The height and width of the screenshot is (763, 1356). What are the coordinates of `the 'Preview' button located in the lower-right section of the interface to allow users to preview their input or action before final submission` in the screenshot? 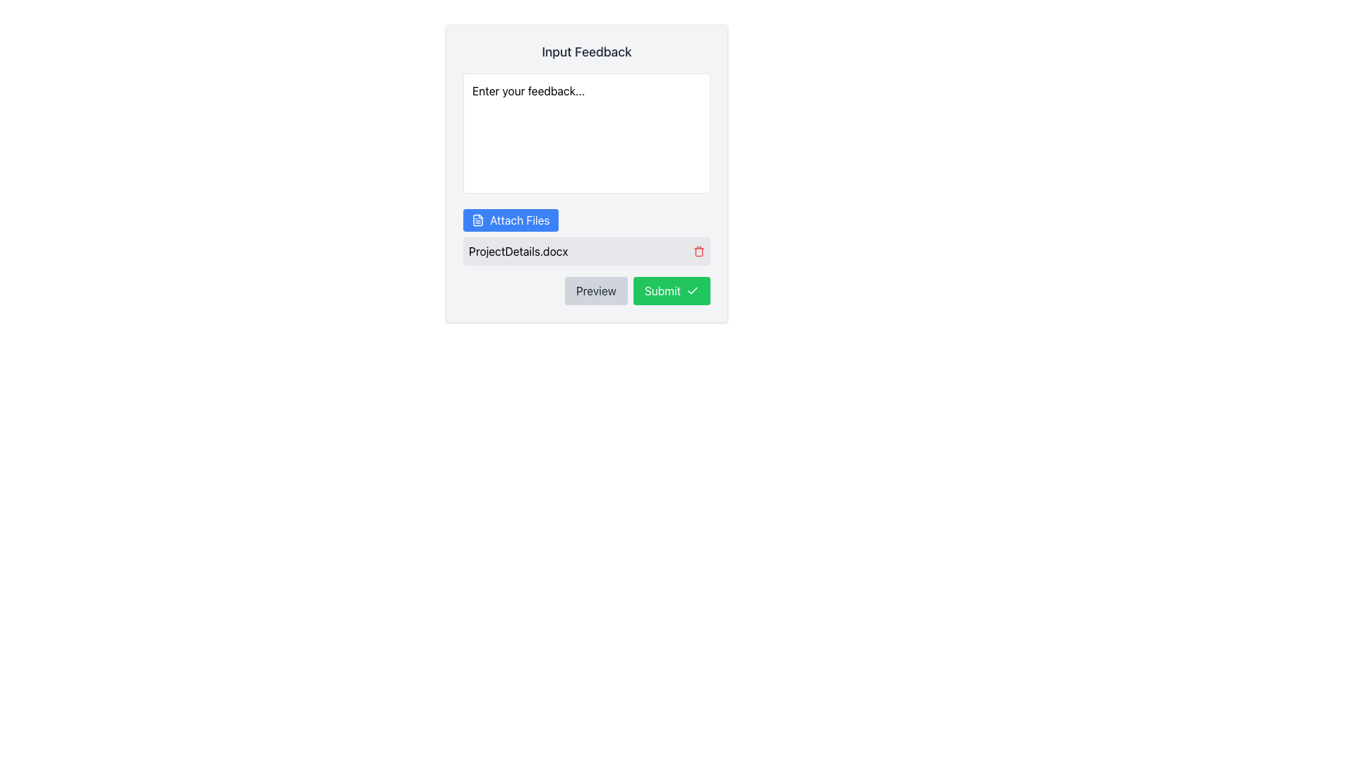 It's located at (596, 290).